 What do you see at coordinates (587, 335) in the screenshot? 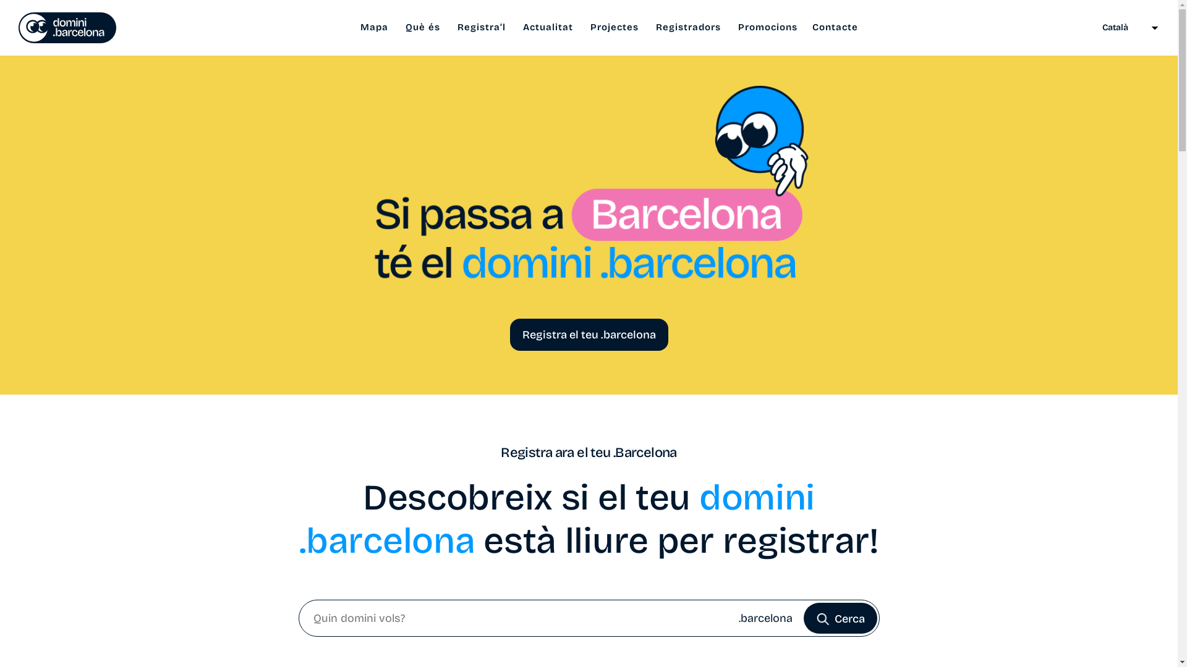
I see `'Registra el teu .barcelona'` at bounding box center [587, 335].